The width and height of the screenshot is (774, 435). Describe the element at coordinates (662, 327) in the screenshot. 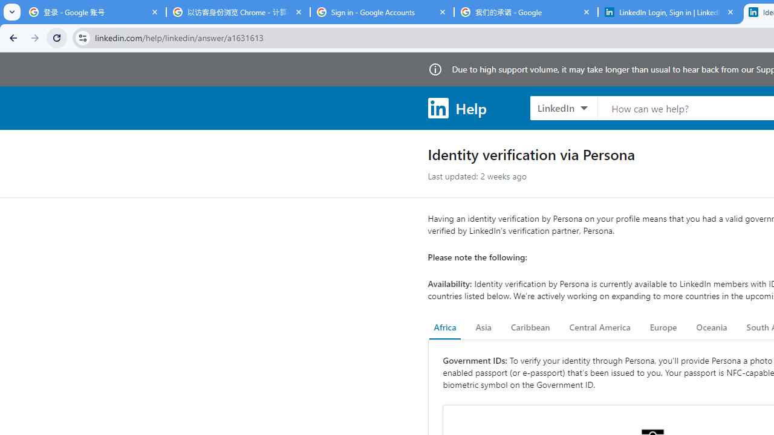

I see `'Europe'` at that location.